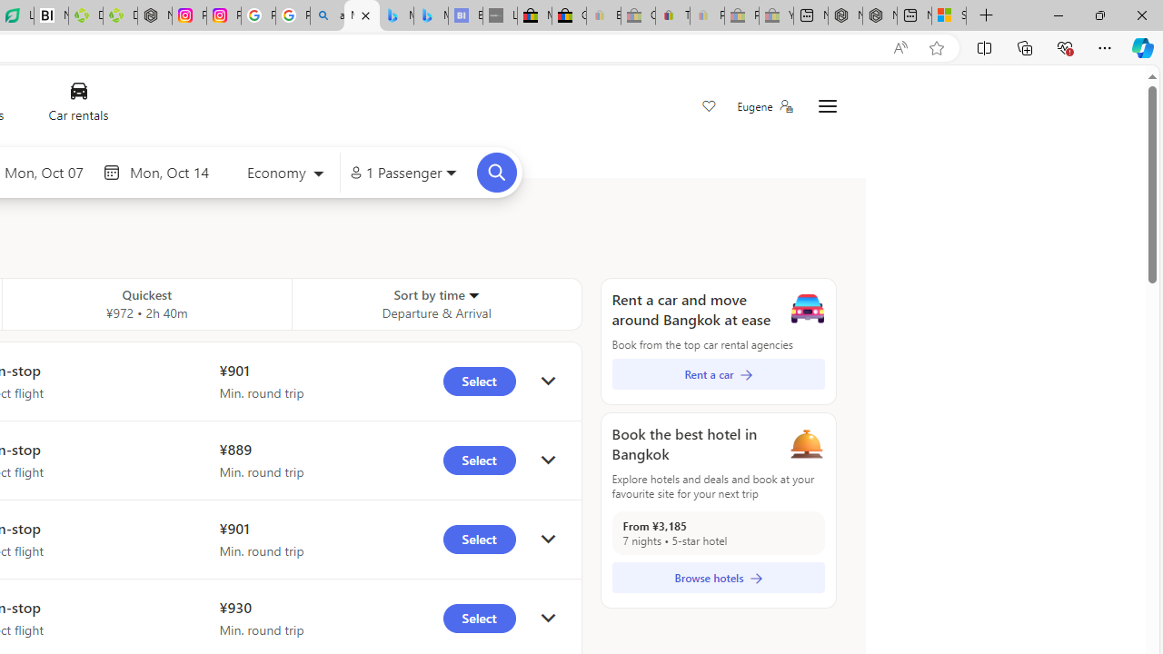  I want to click on 'Threats and offensive language policy | eBay', so click(671, 15).